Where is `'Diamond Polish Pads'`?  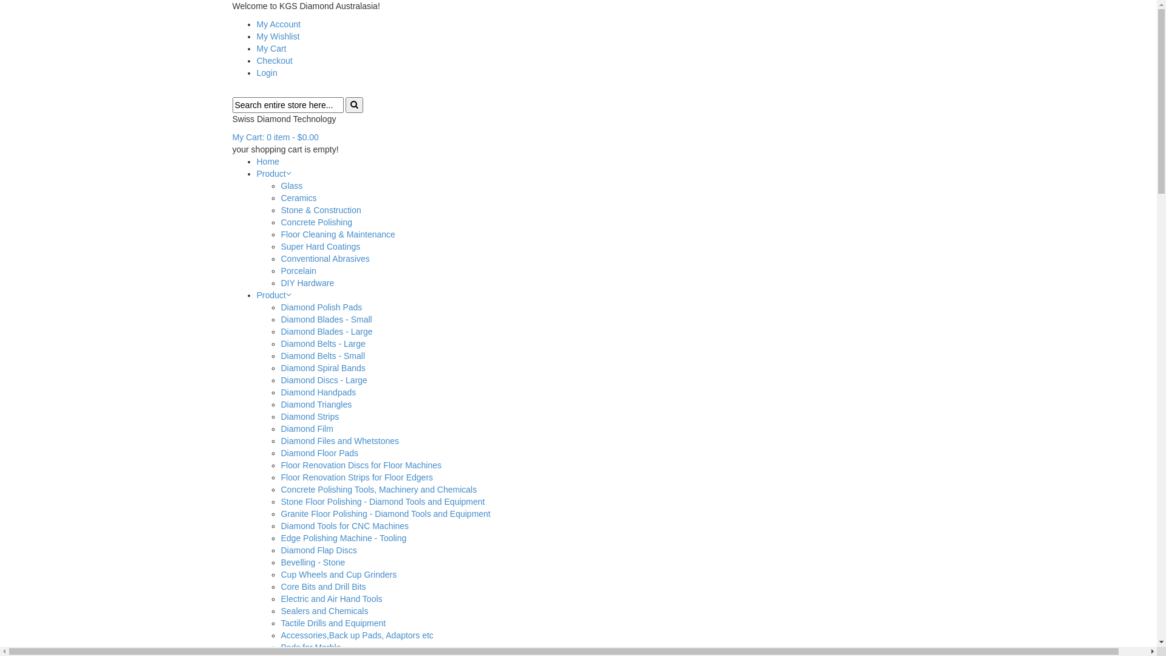 'Diamond Polish Pads' is located at coordinates (321, 306).